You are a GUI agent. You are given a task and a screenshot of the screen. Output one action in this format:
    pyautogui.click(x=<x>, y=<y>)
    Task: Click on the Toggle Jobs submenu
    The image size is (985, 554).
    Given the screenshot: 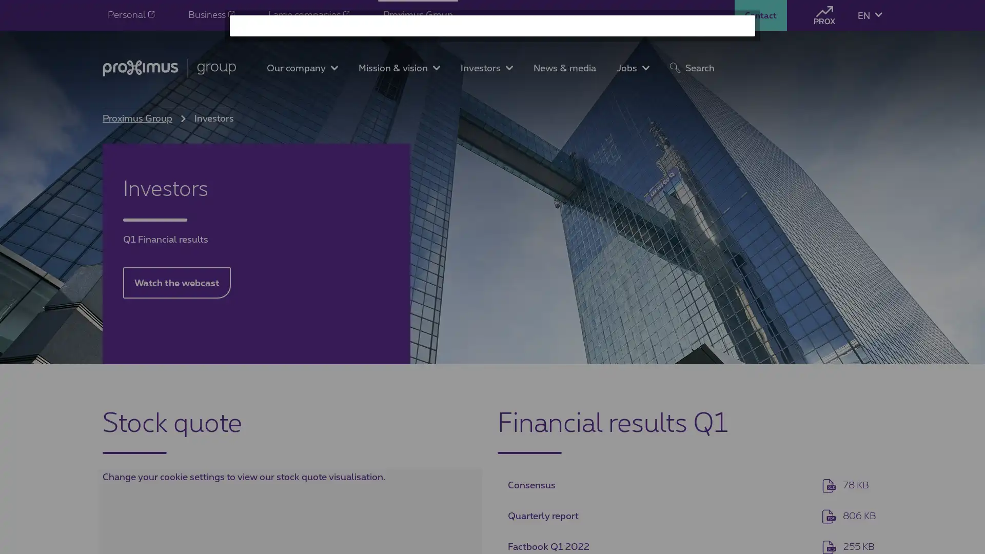 What is the action you would take?
    pyautogui.click(x=632, y=68)
    